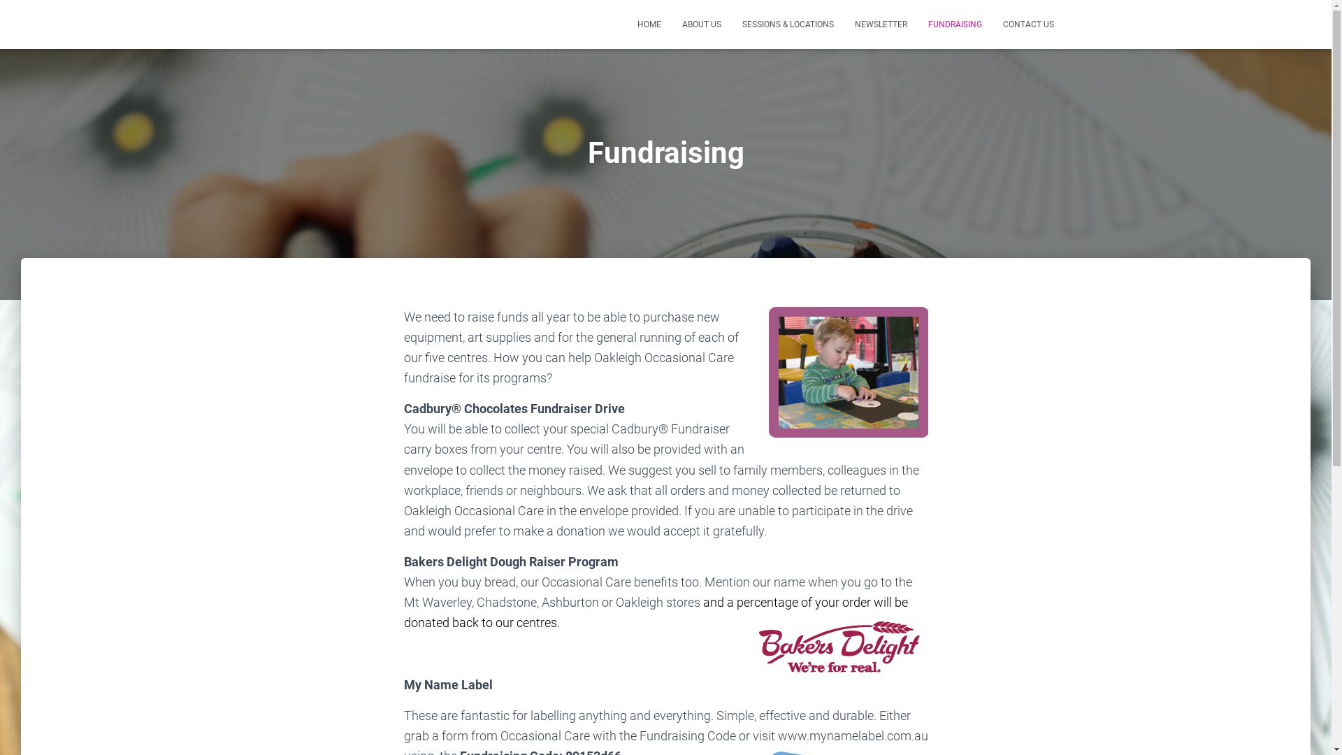 The image size is (1342, 755). I want to click on 'NEWSLETTER', so click(880, 24).